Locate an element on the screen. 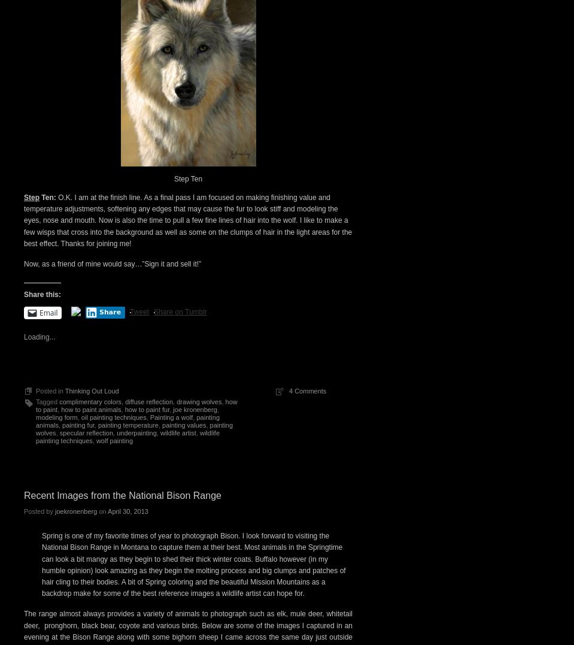 The image size is (574, 645). 'wildlife painting techniques' is located at coordinates (127, 436).